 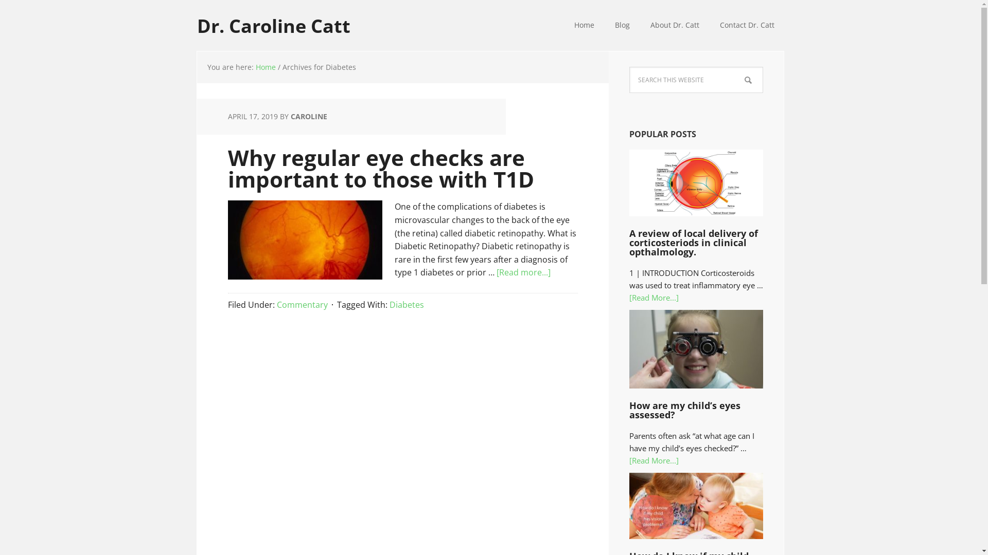 I want to click on 'Search', so click(x=763, y=66).